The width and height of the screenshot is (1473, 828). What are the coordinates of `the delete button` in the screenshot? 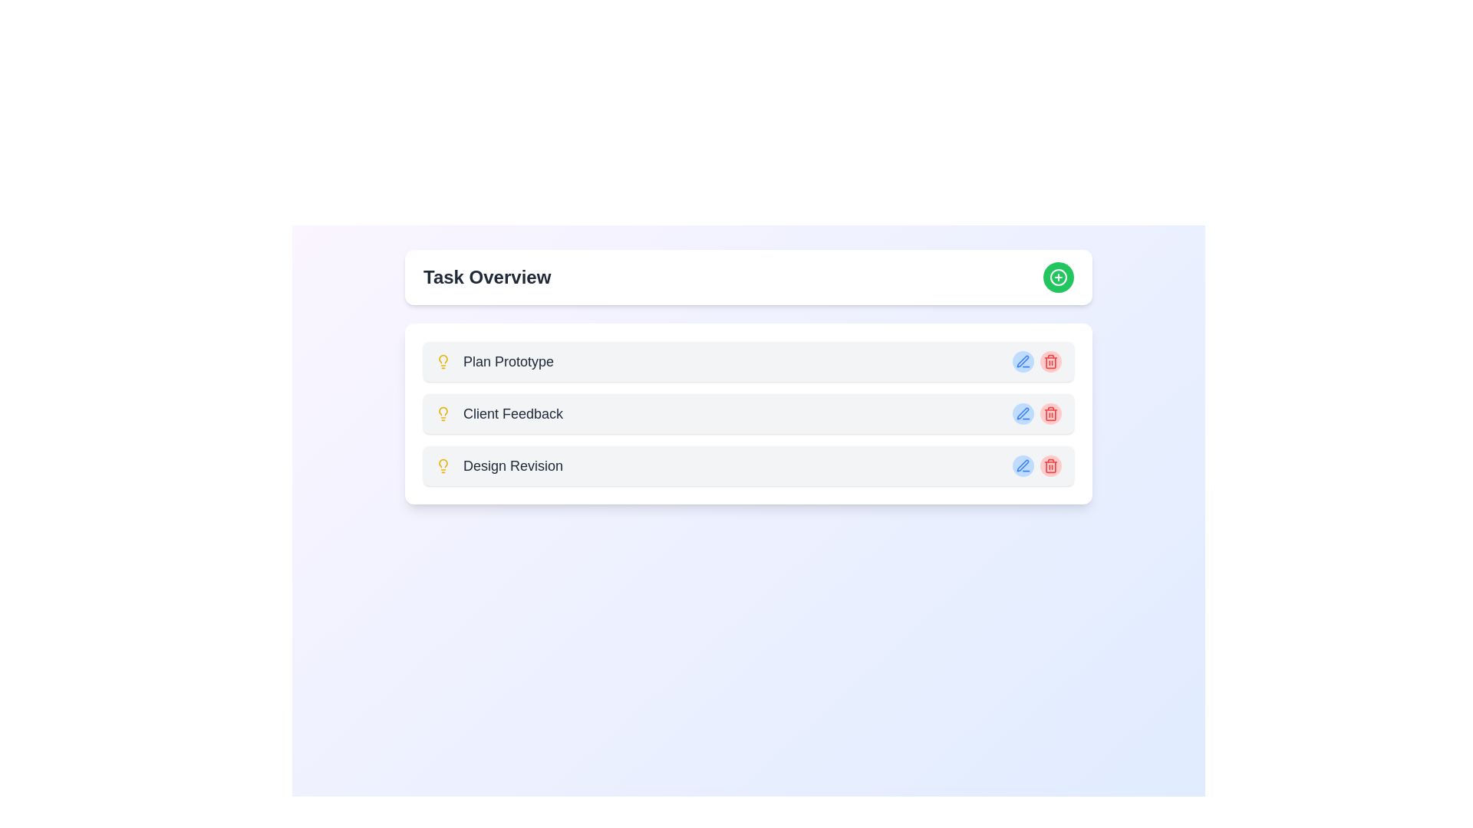 It's located at (1050, 361).